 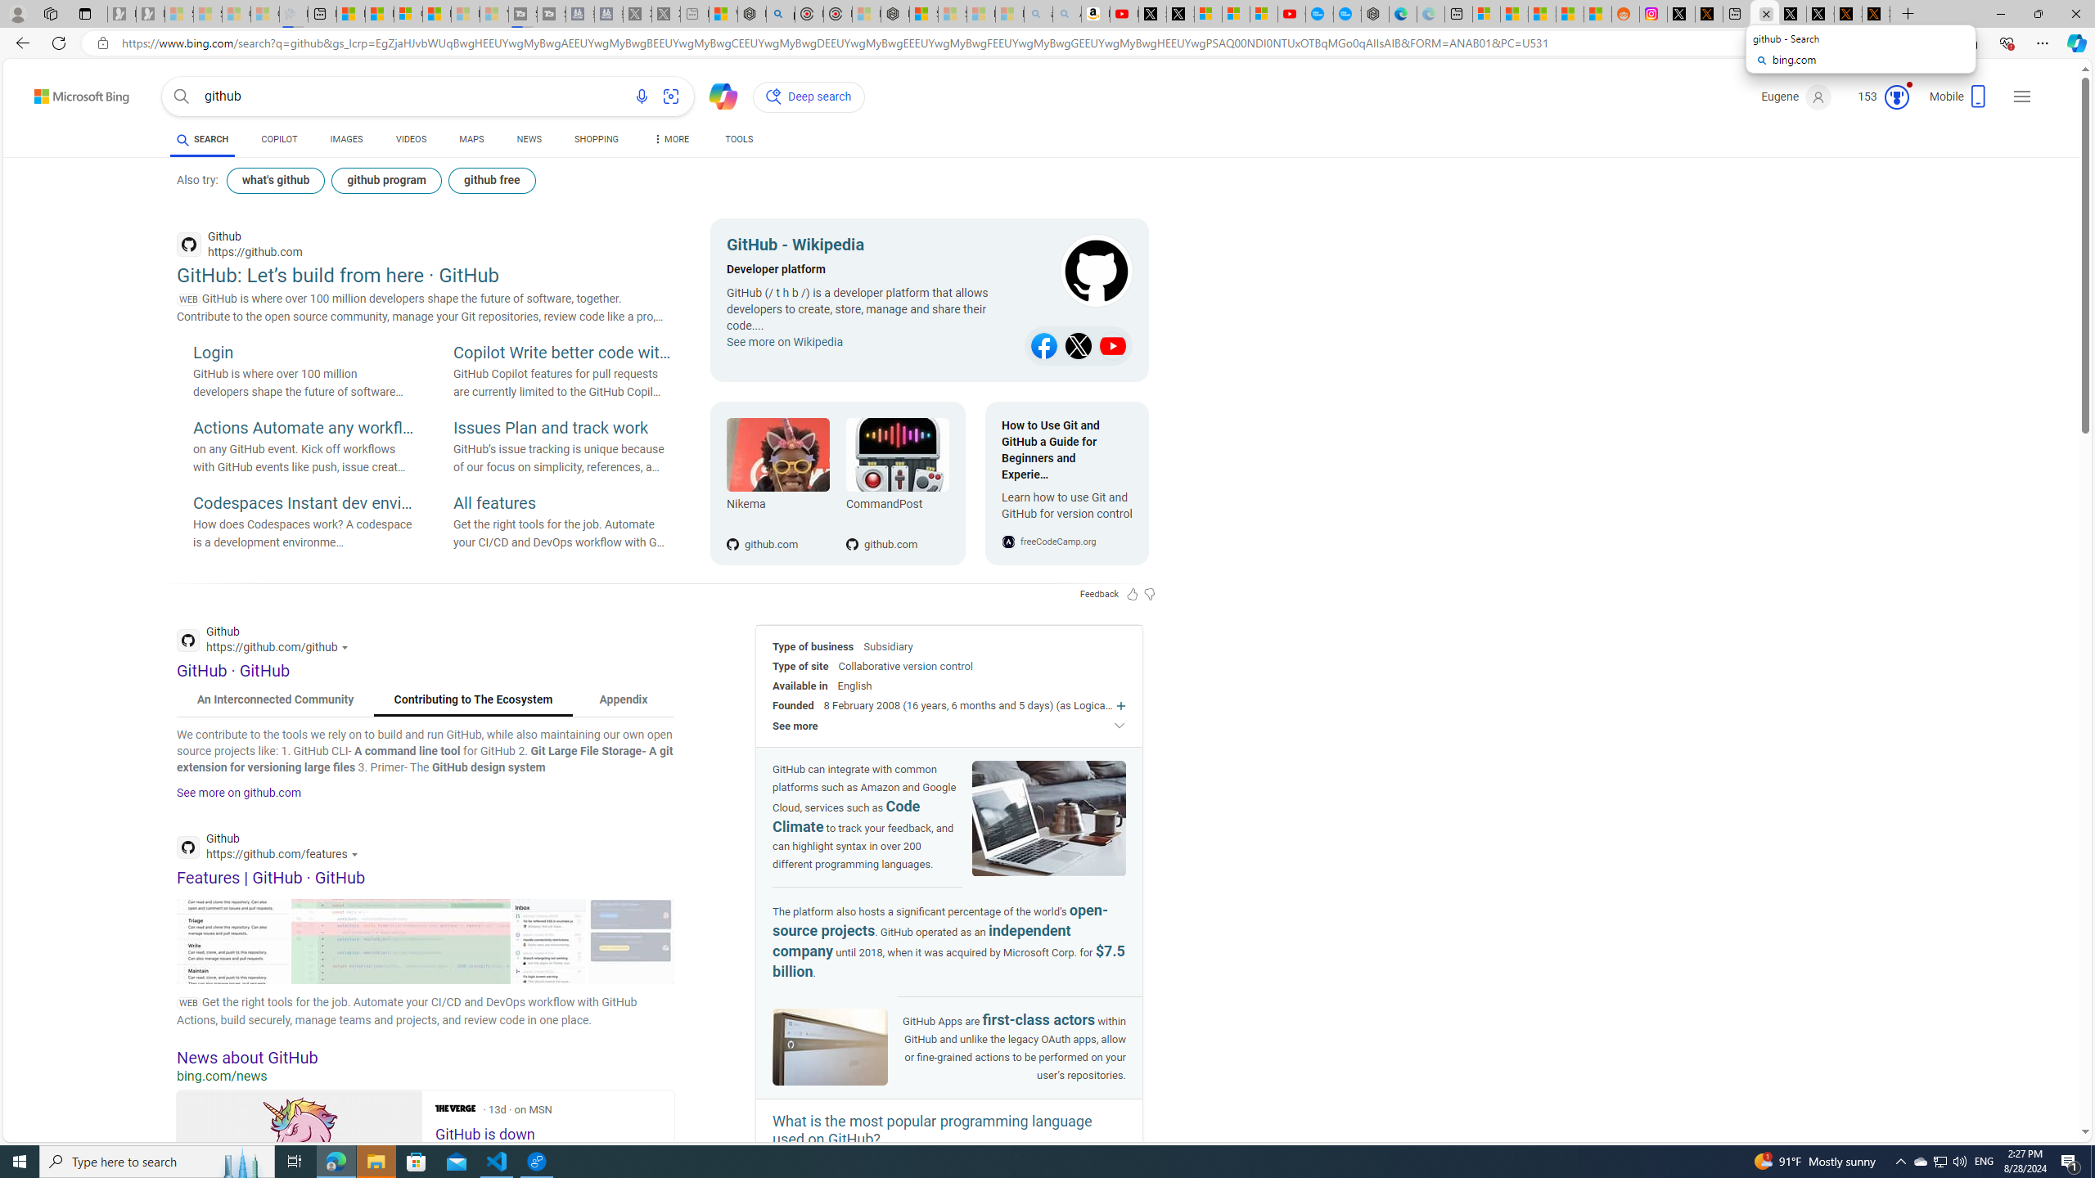 I want to click on 'github - Search', so click(x=1764, y=13).